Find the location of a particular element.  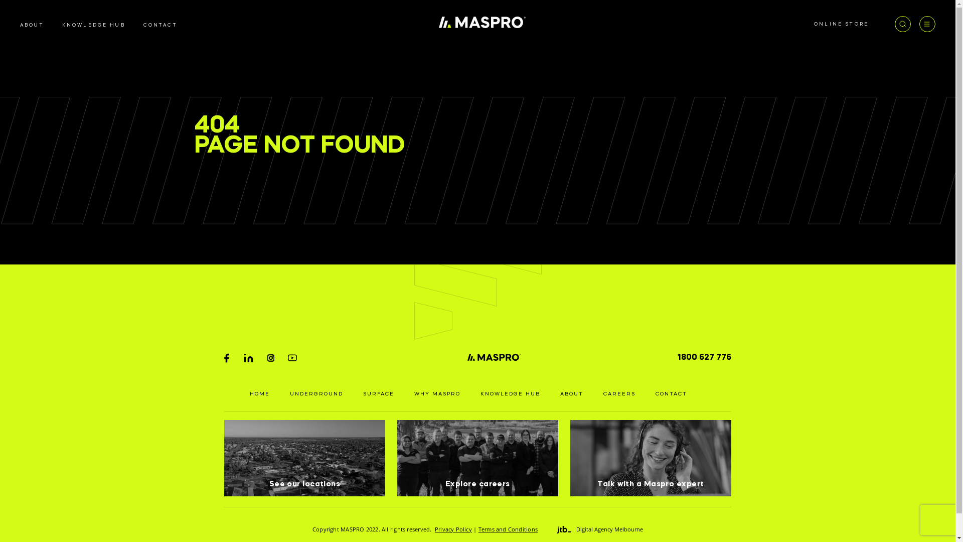

'Terms and Conditions' is located at coordinates (508, 528).